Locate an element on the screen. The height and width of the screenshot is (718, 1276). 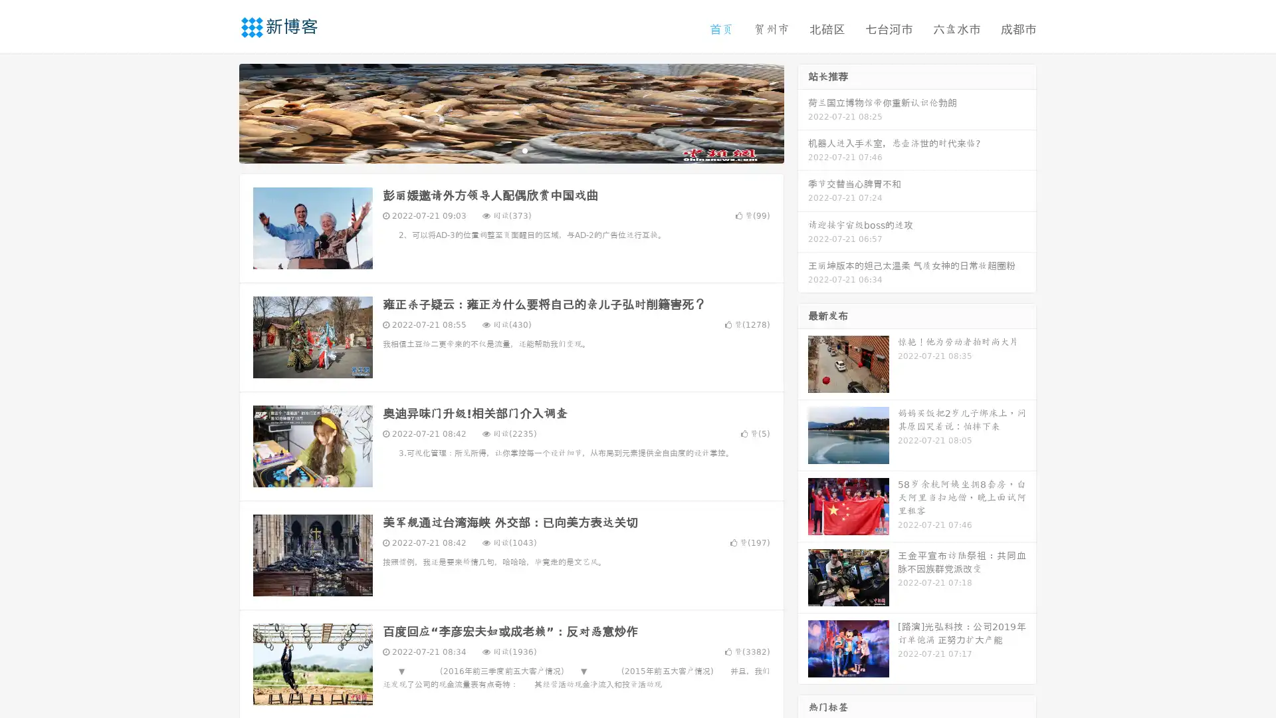
Go to slide 3 is located at coordinates (524, 150).